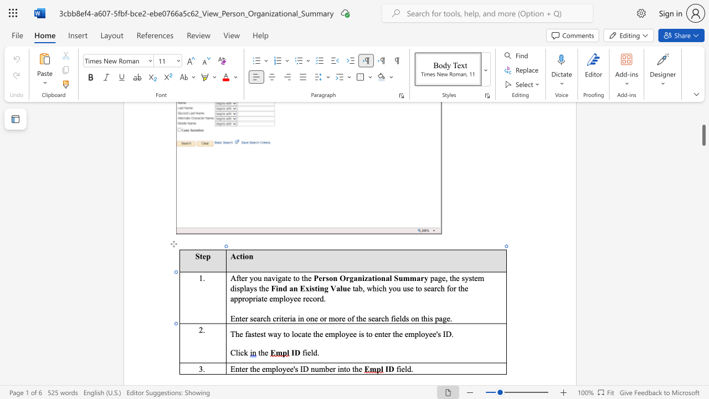 The width and height of the screenshot is (709, 399). What do you see at coordinates (235, 278) in the screenshot?
I see `the space between the continuous character "A" and "f" in the text` at bounding box center [235, 278].